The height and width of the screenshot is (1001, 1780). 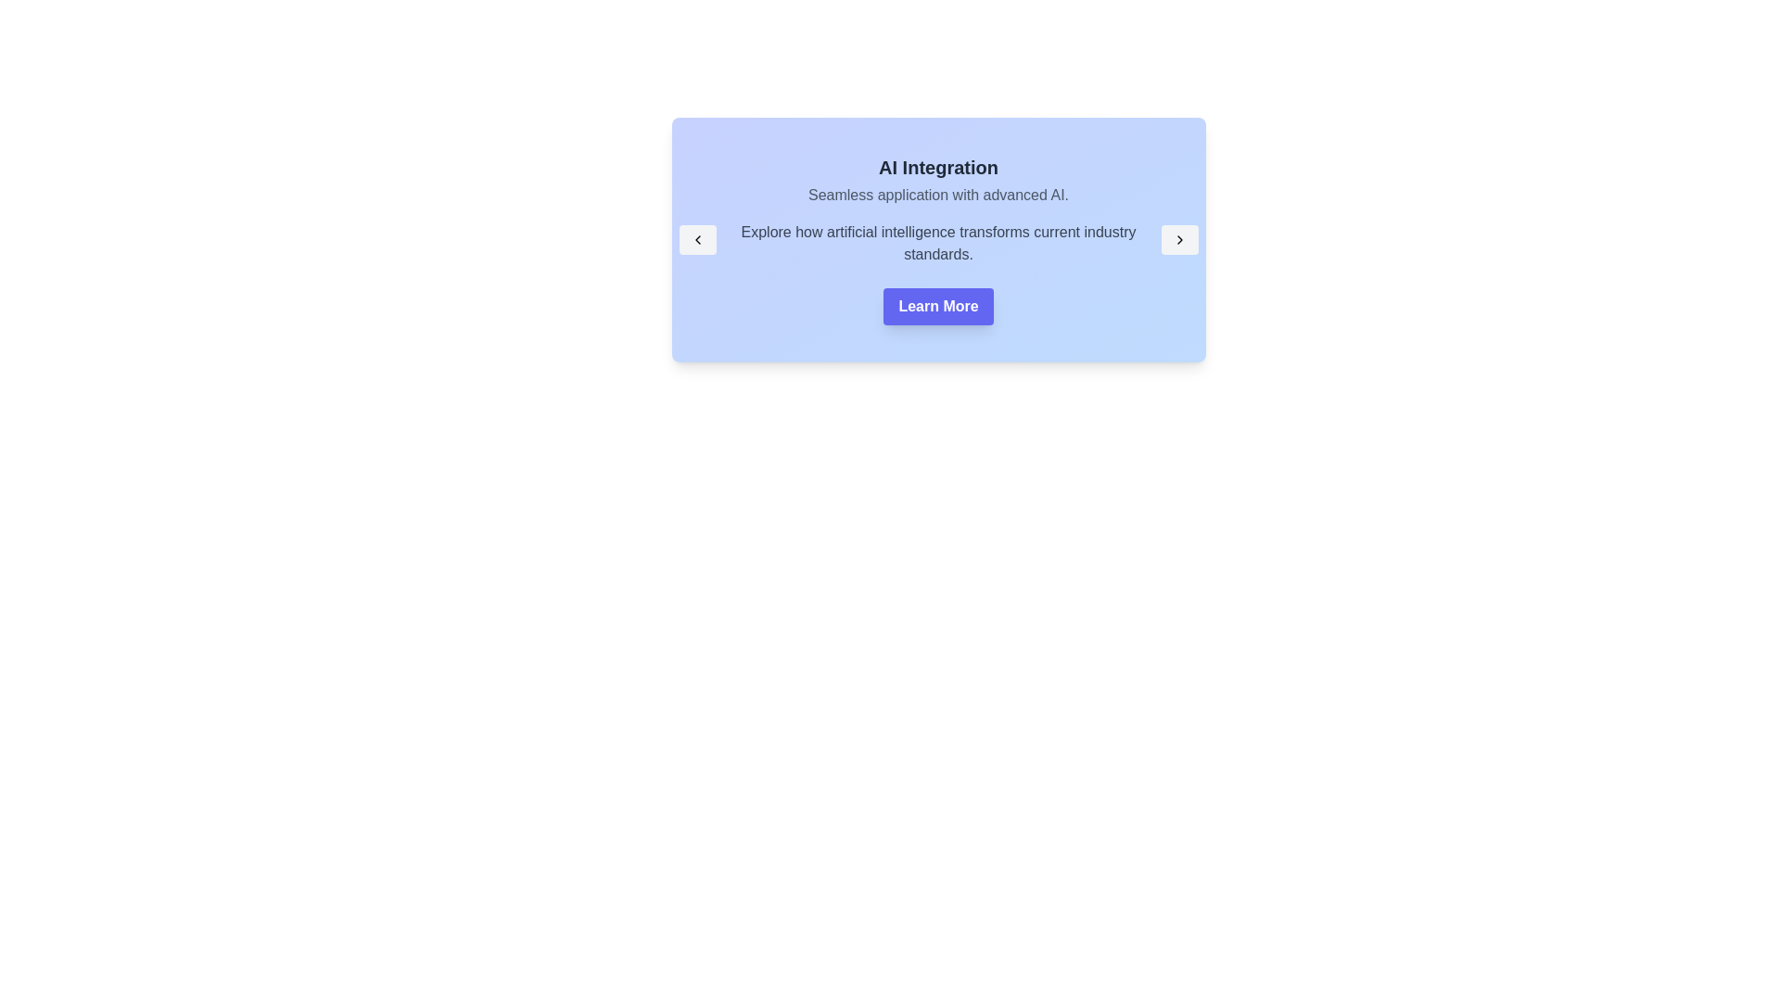 What do you see at coordinates (938, 168) in the screenshot?
I see `the heading text element, which serves as the title for the associated content section, positioned at the top of the section above summary text and buttons` at bounding box center [938, 168].